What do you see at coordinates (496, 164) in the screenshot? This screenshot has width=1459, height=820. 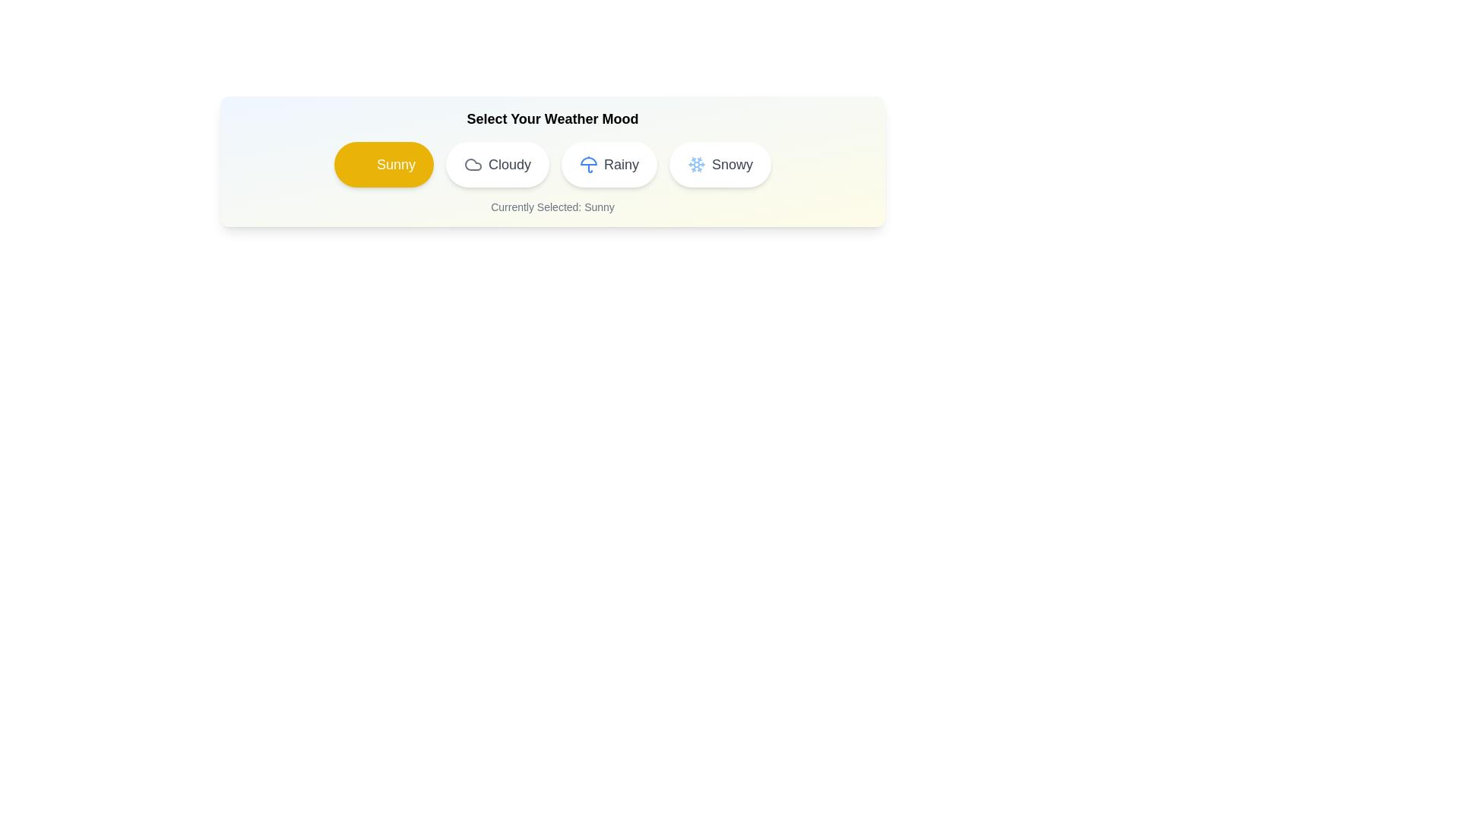 I see `the weather option Cloudy by clicking on its chip` at bounding box center [496, 164].